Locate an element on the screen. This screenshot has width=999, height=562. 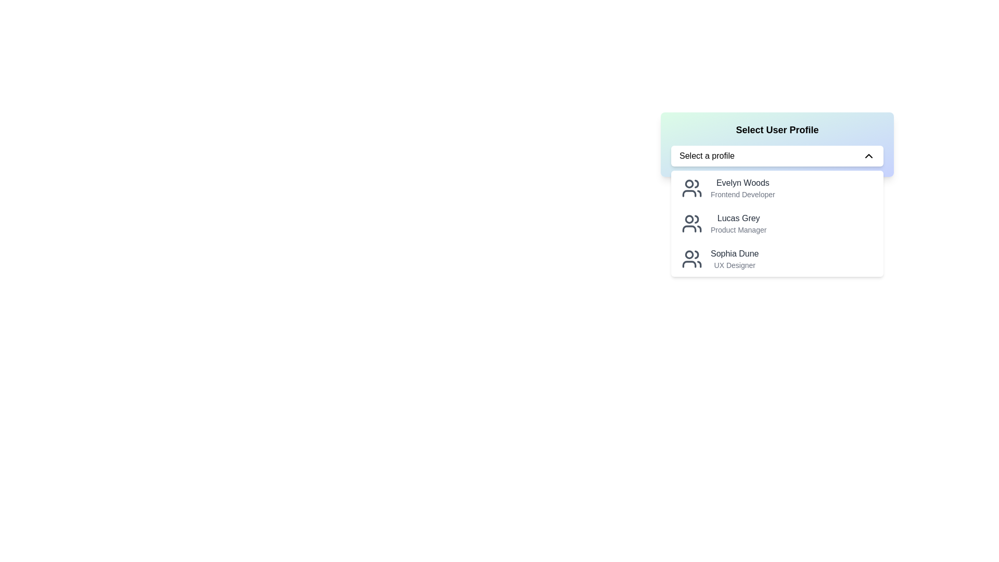
the second item in the dropdown list labeled 'Lucas Grey - Product Manager' is located at coordinates (777, 223).